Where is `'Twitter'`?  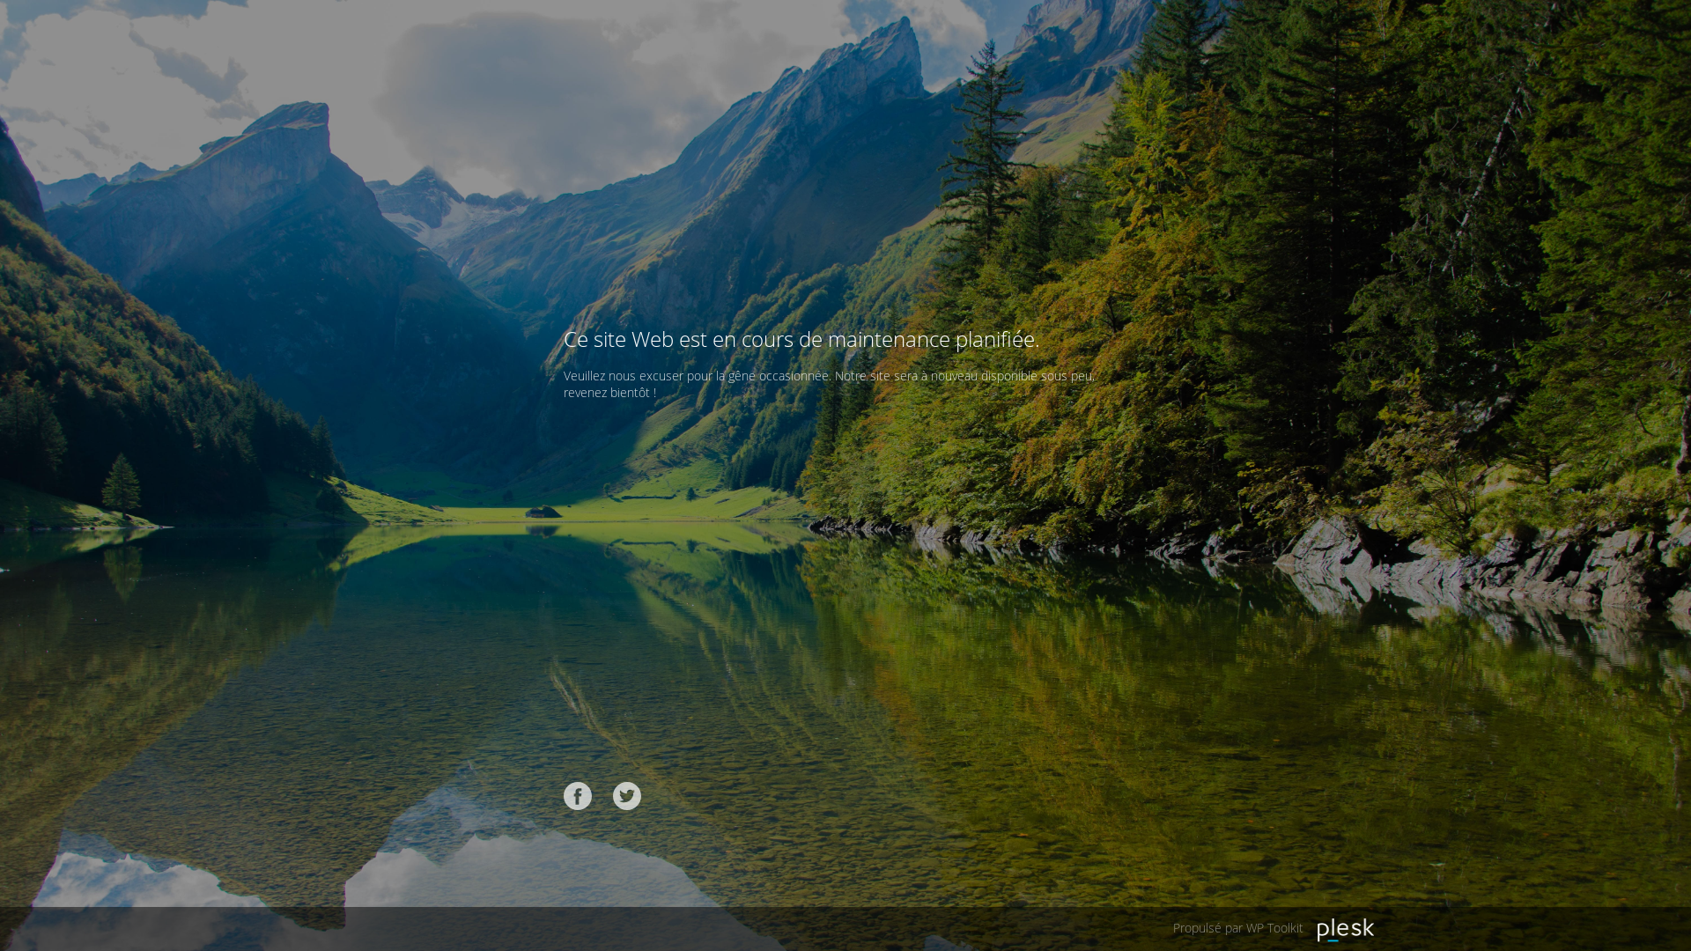 'Twitter' is located at coordinates (626, 795).